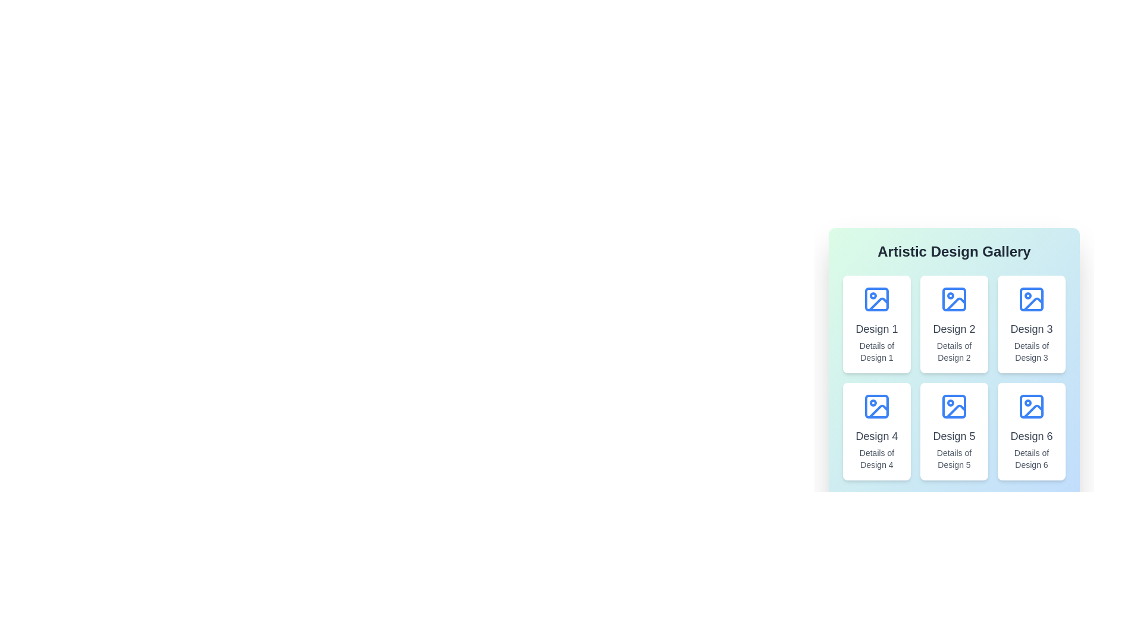  What do you see at coordinates (1030, 298) in the screenshot?
I see `the blue landscape image icon located in the upper right quadrant of the grid, specifically in the third column of the first row, above the text 'Design 3' and 'Details of Design 3'` at bounding box center [1030, 298].